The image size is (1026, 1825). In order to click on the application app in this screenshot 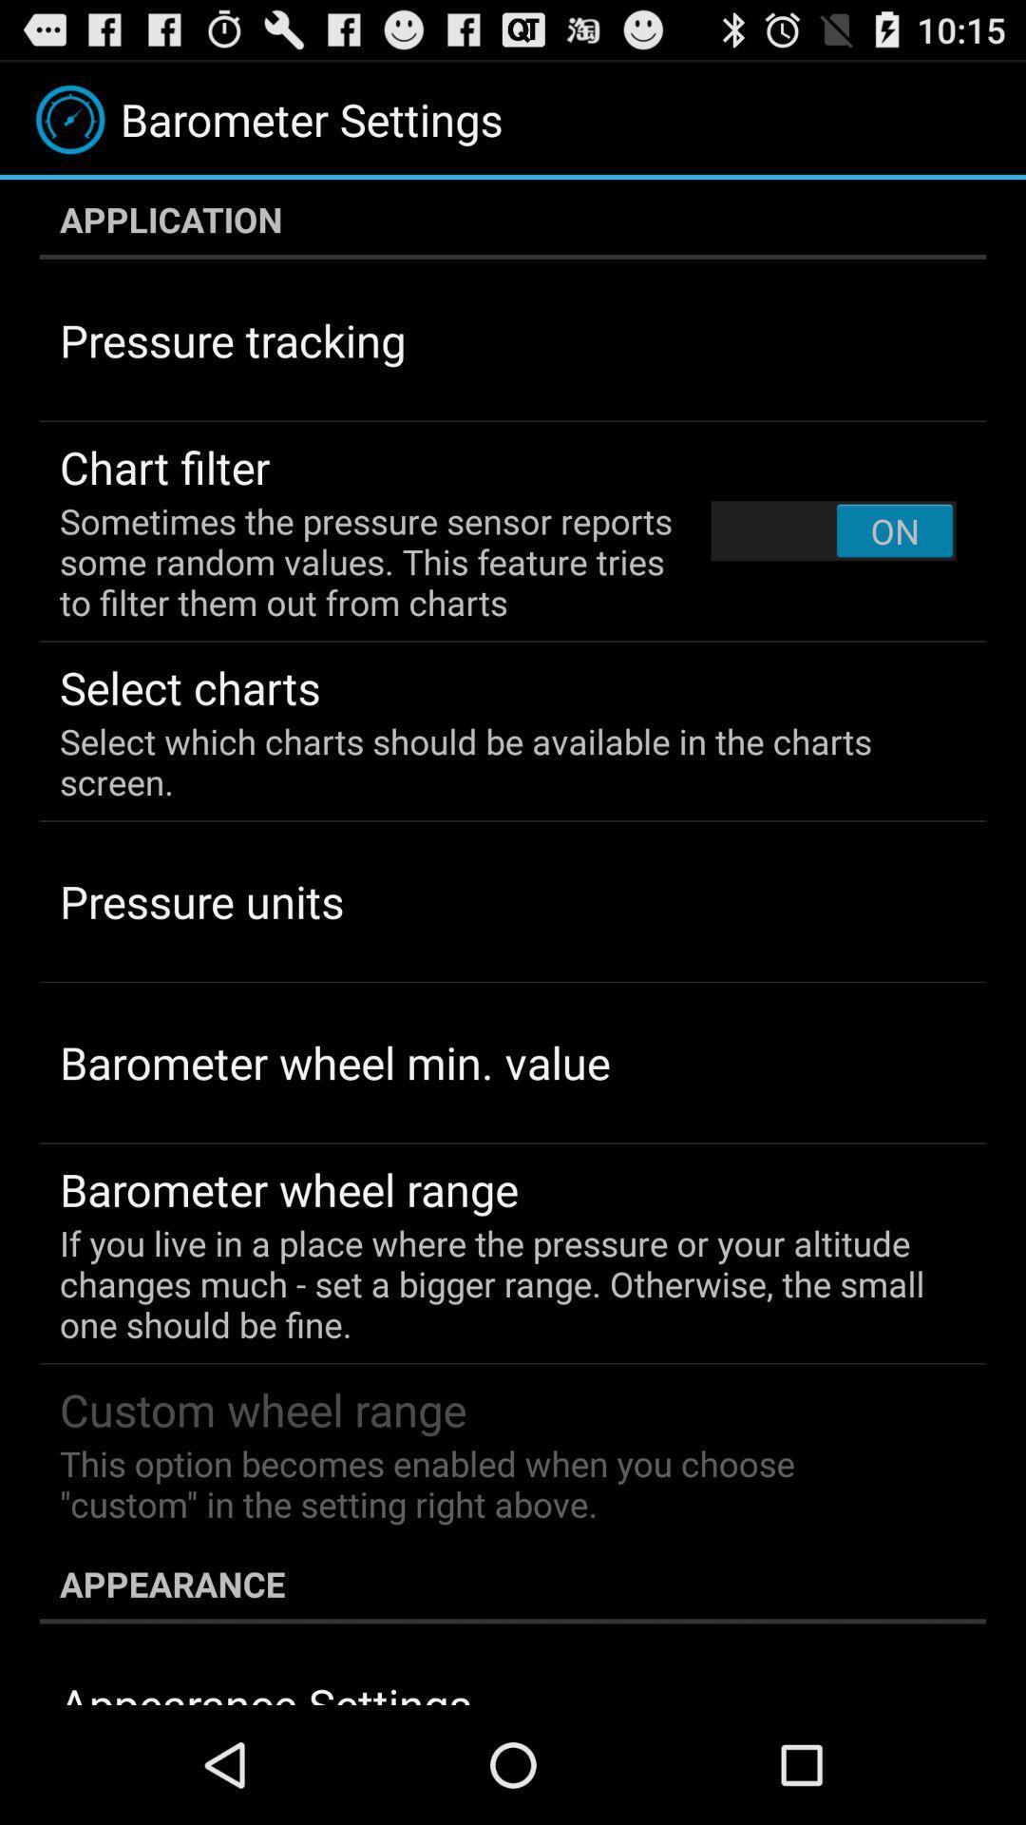, I will do `click(513, 219)`.